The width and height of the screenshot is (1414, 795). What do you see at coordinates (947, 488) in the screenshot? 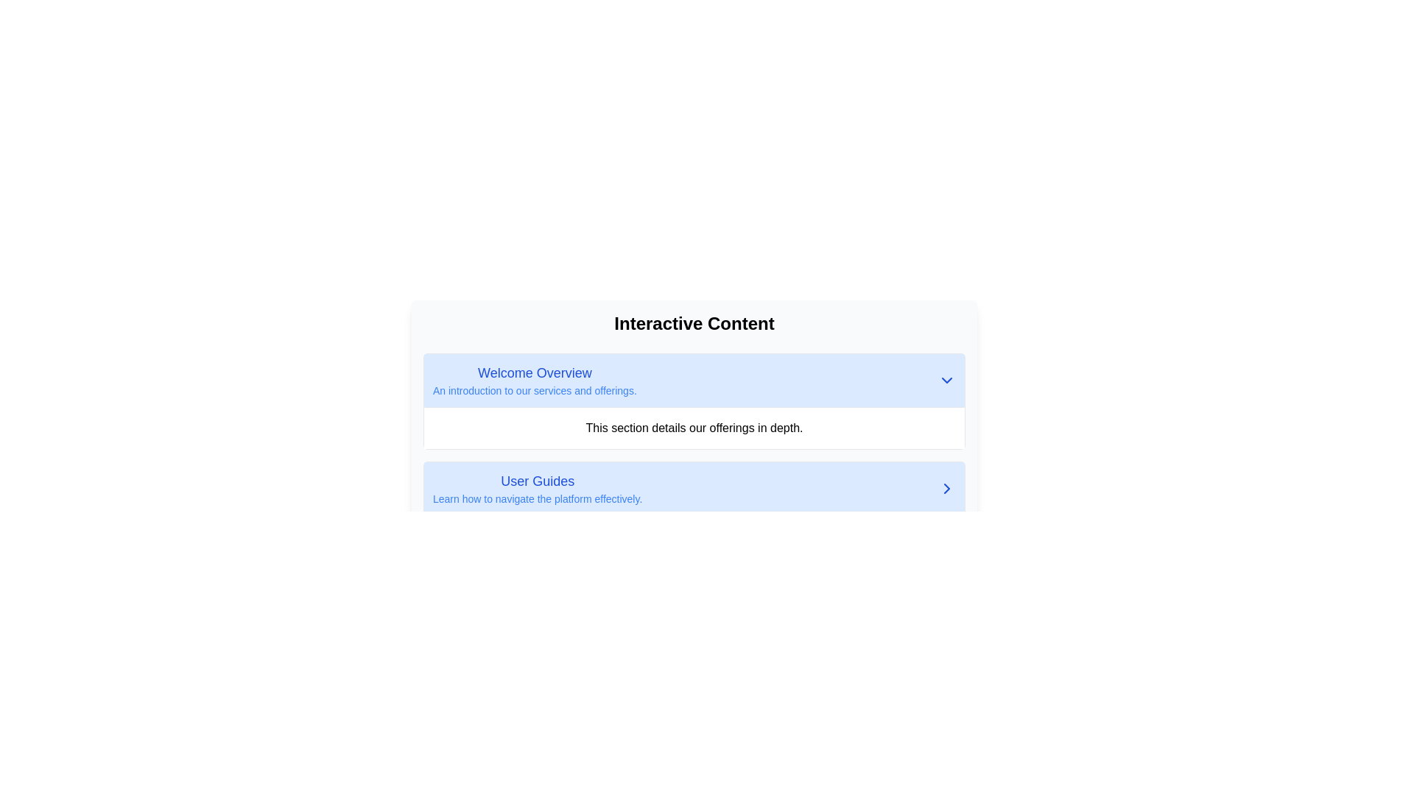
I see `the blue chevron SVG graphic, which is an arrow-shaped visual representation pointing to the right, located in the 'User Guides' section of the 'Interactive Content' panel` at bounding box center [947, 488].